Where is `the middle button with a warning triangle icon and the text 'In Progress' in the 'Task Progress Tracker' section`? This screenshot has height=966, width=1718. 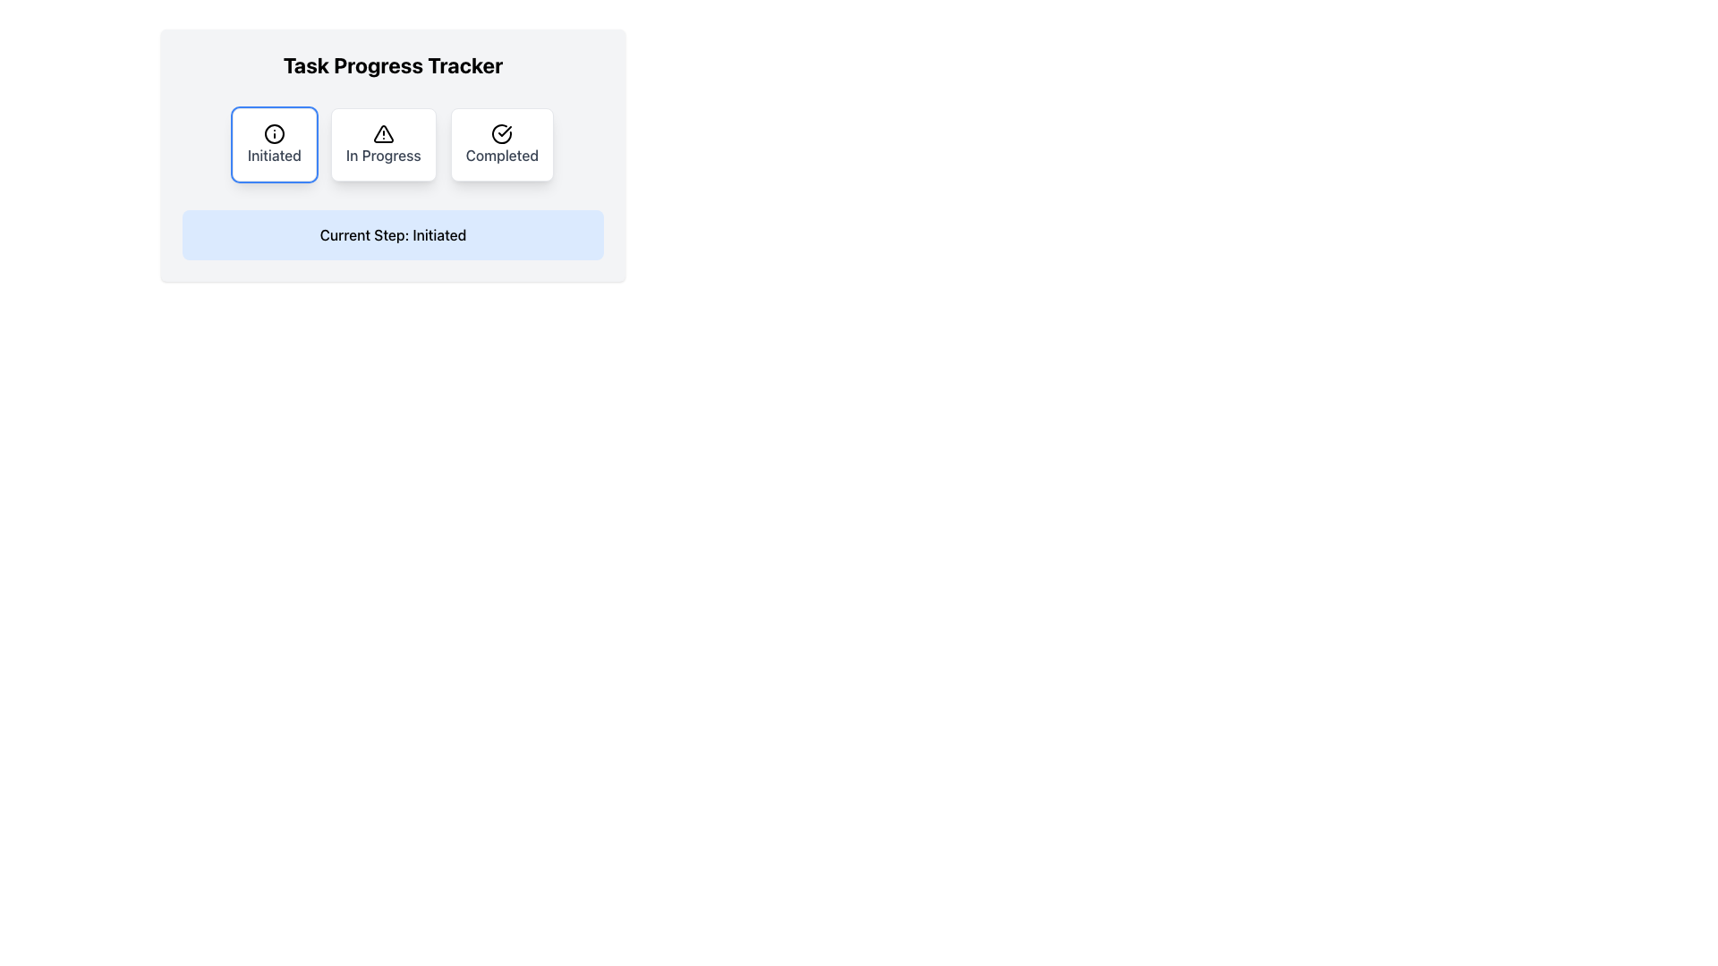 the middle button with a warning triangle icon and the text 'In Progress' in the 'Task Progress Tracker' section is located at coordinates (382, 144).